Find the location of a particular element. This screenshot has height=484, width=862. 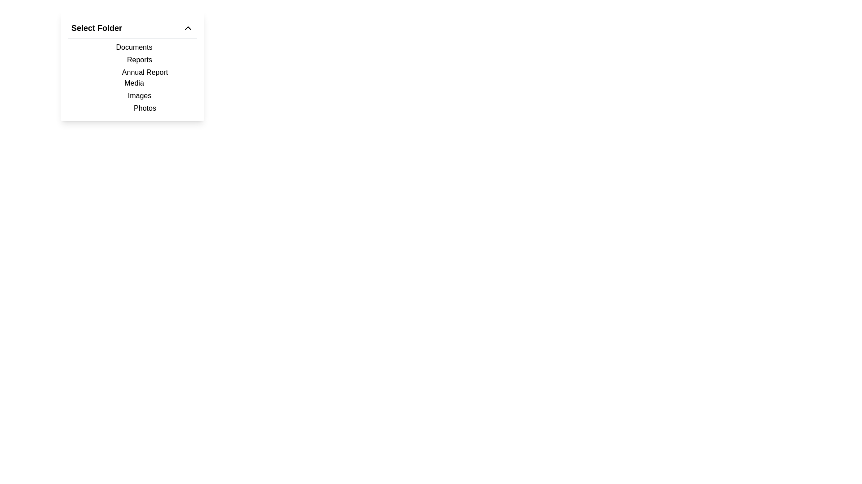

the 'Annual Report' list item in the vertical menu under the 'Reports' item in the 'Select Folder' dropdown is located at coordinates (145, 72).